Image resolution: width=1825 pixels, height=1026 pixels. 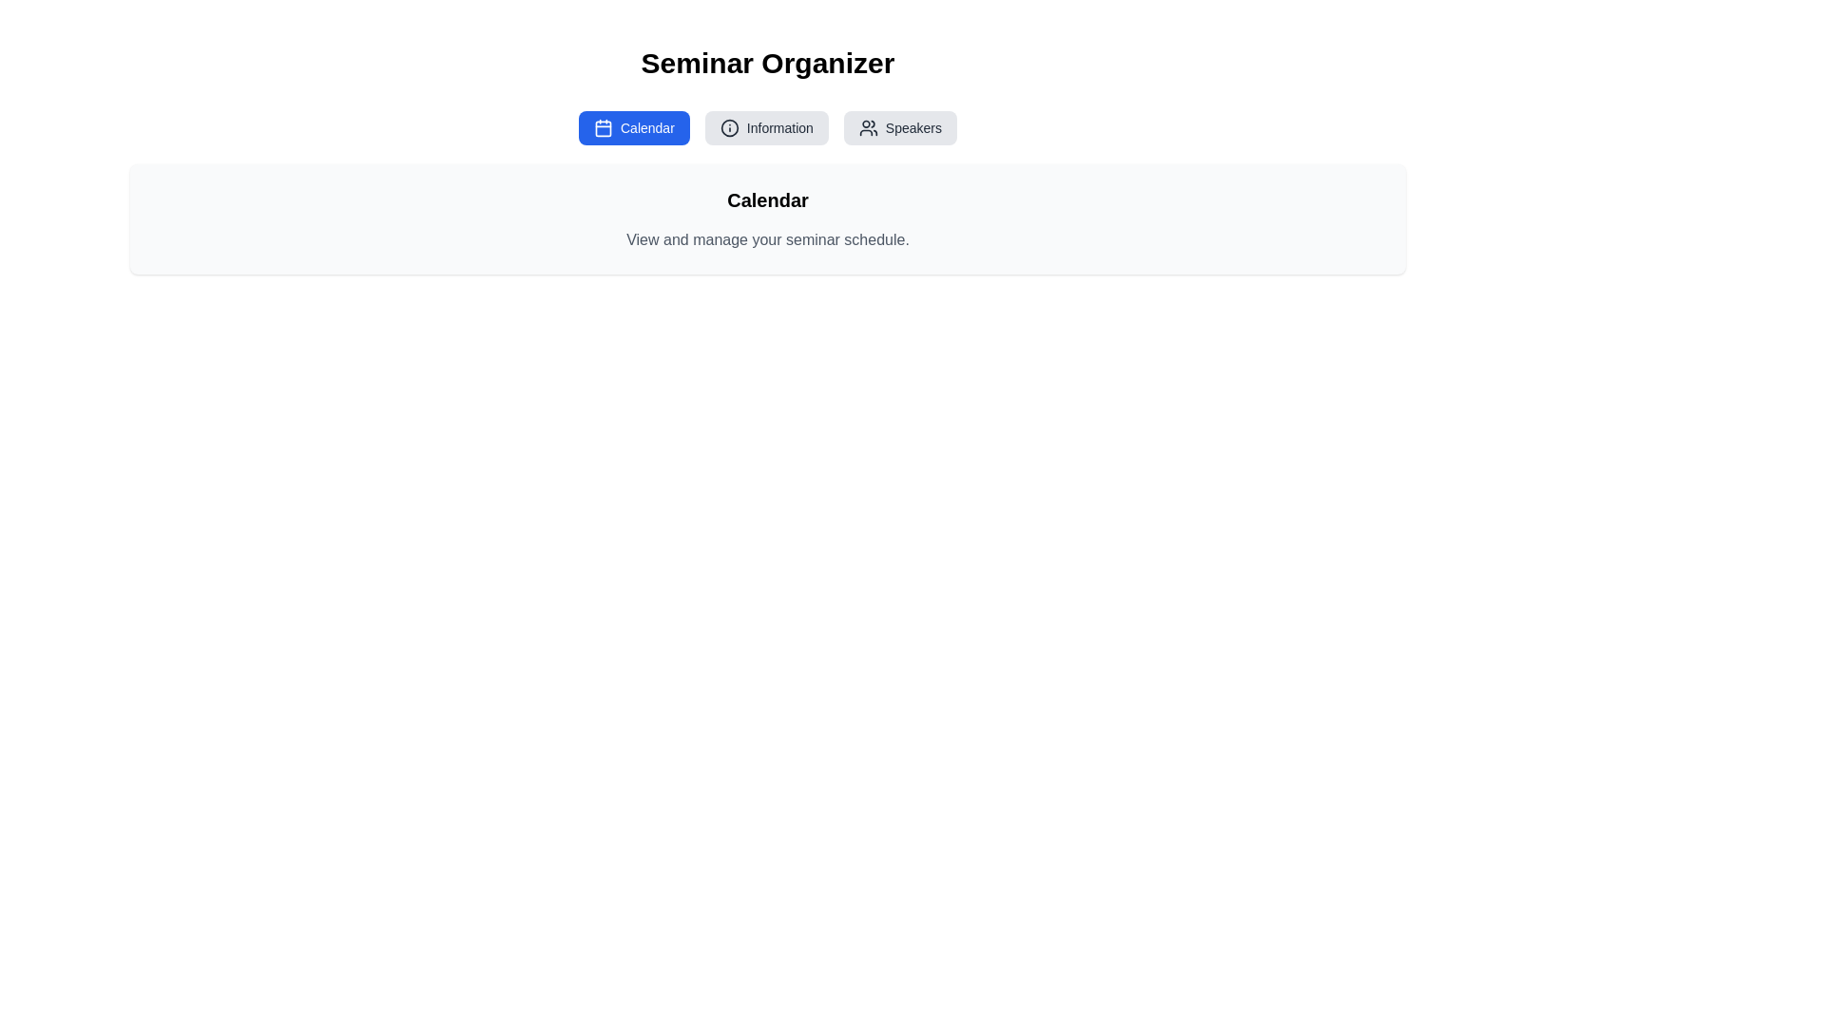 What do you see at coordinates (634, 128) in the screenshot?
I see `the Calendar tab` at bounding box center [634, 128].